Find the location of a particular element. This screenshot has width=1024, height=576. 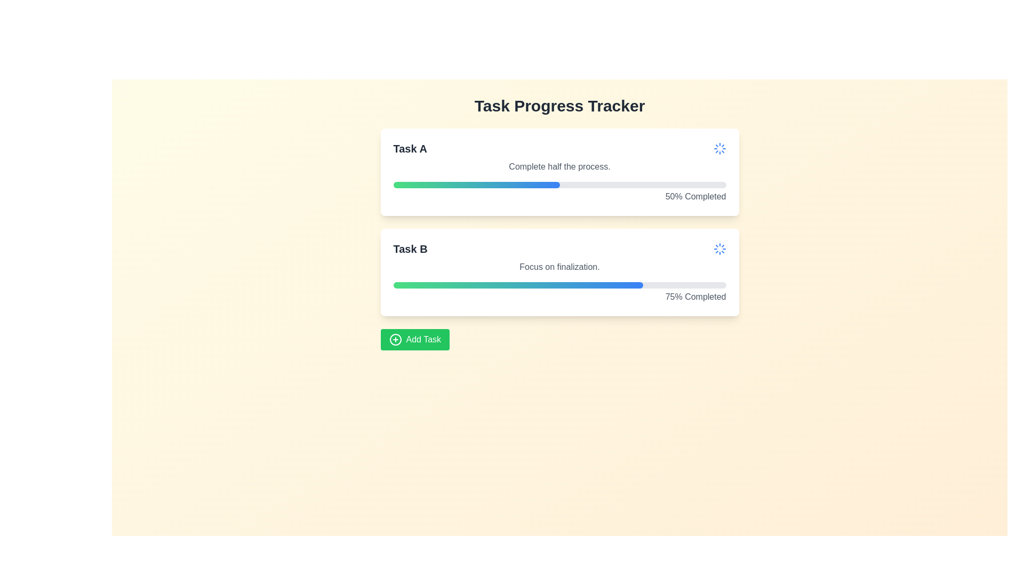

the bold text label displaying 'Task B', which is the primary heading of the card layout, positioned at the top-left corner above the progress bar is located at coordinates (410, 249).